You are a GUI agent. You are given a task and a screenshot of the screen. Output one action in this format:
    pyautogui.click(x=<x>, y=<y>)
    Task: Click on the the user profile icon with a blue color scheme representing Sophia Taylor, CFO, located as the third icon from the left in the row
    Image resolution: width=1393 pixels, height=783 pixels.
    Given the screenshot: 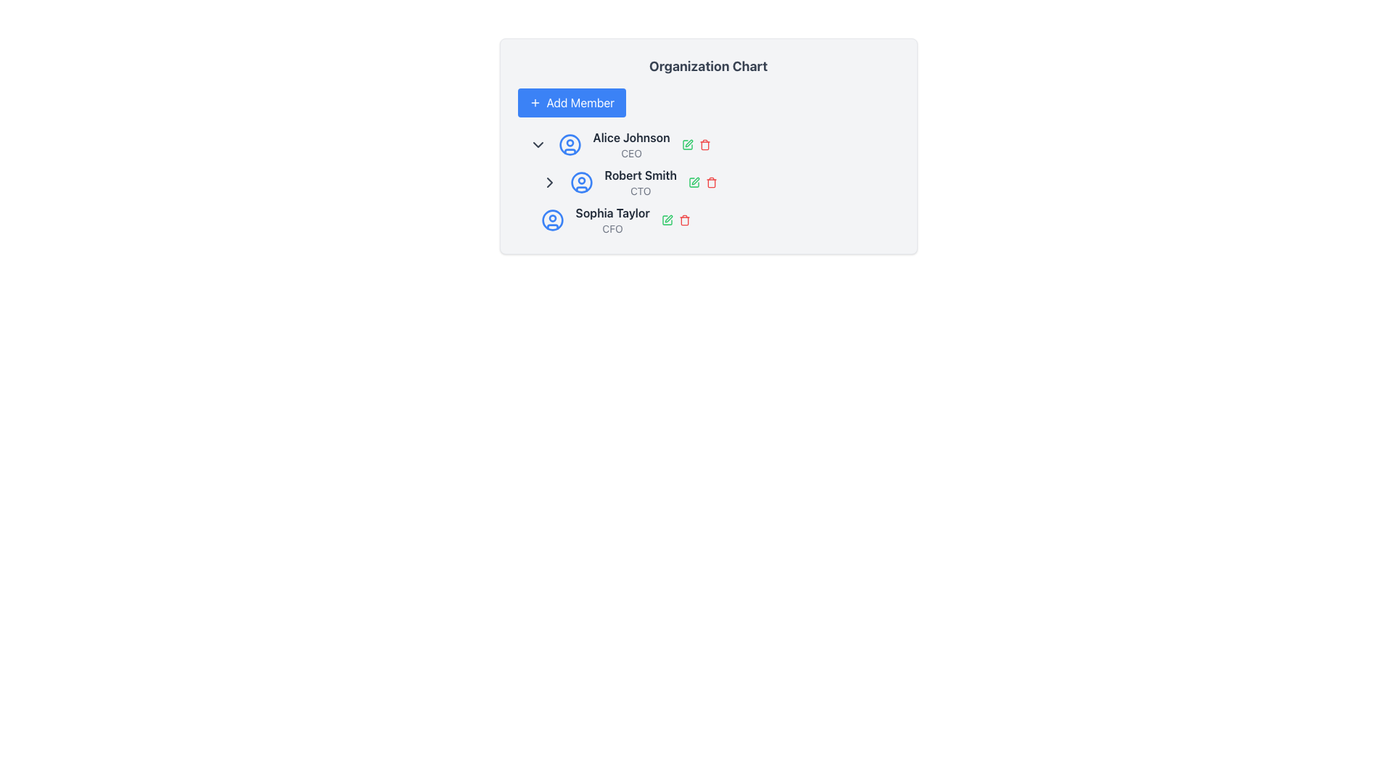 What is the action you would take?
    pyautogui.click(x=551, y=220)
    